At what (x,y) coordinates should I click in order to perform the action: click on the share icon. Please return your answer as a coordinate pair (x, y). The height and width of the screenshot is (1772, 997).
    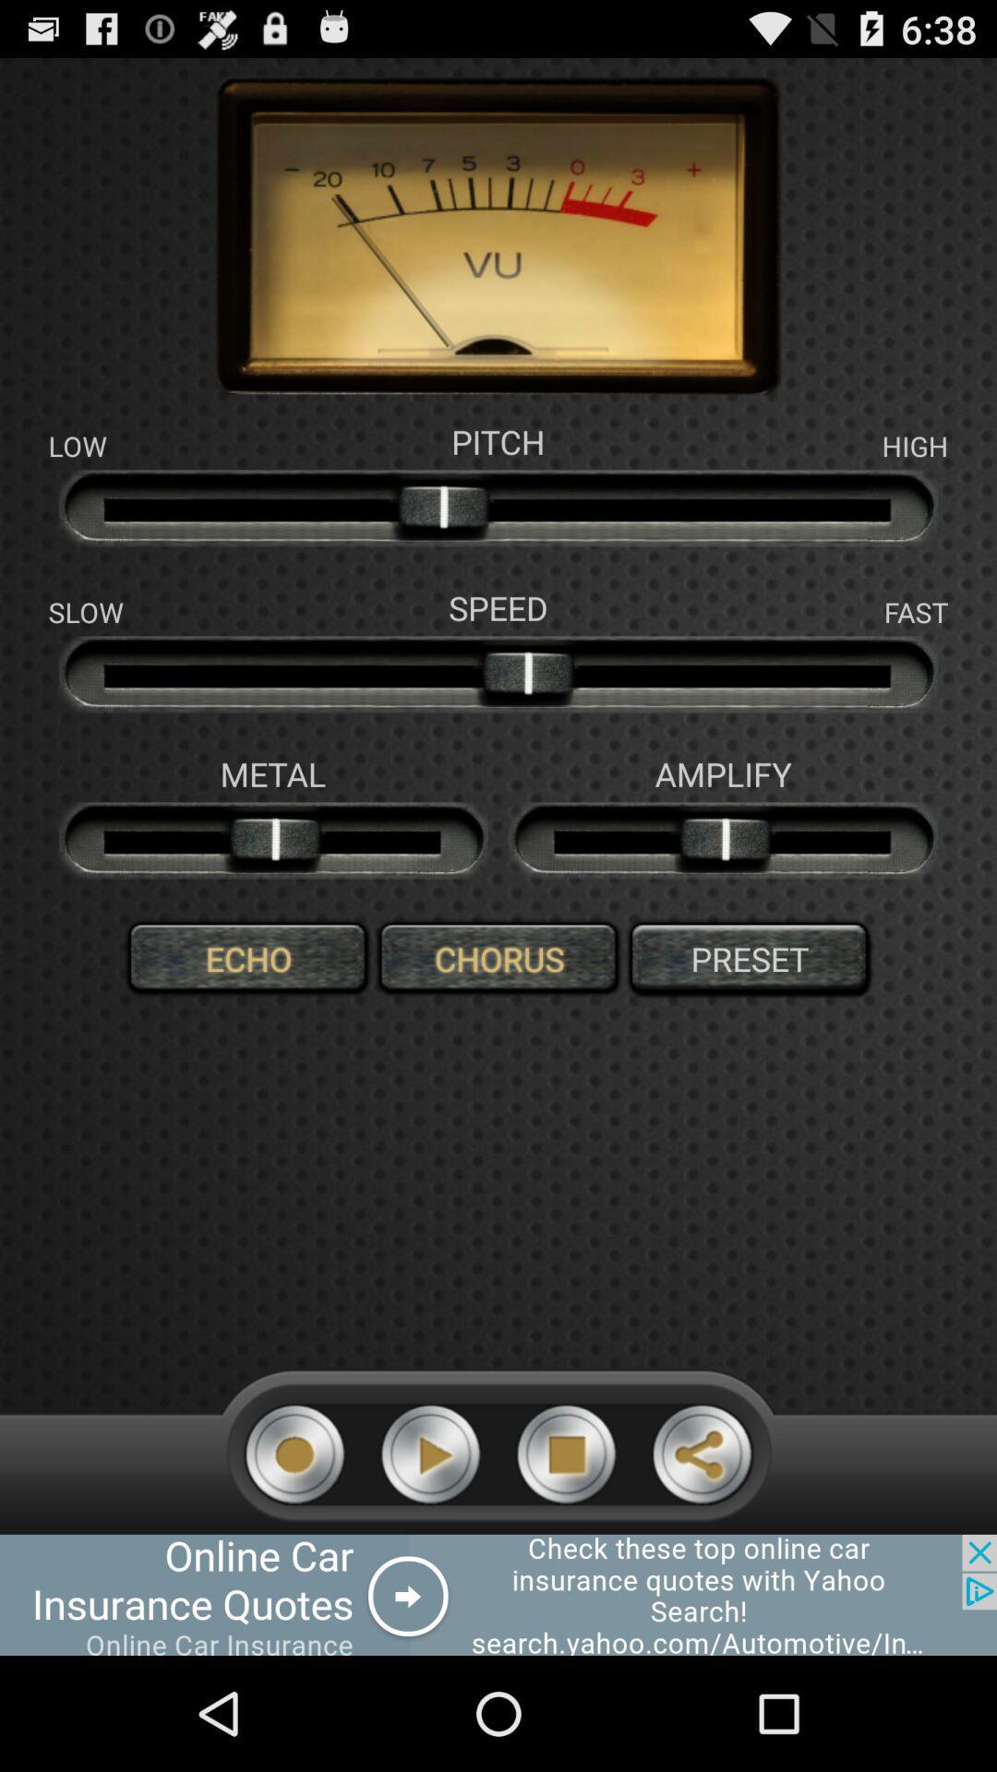
    Looking at the image, I should click on (702, 1556).